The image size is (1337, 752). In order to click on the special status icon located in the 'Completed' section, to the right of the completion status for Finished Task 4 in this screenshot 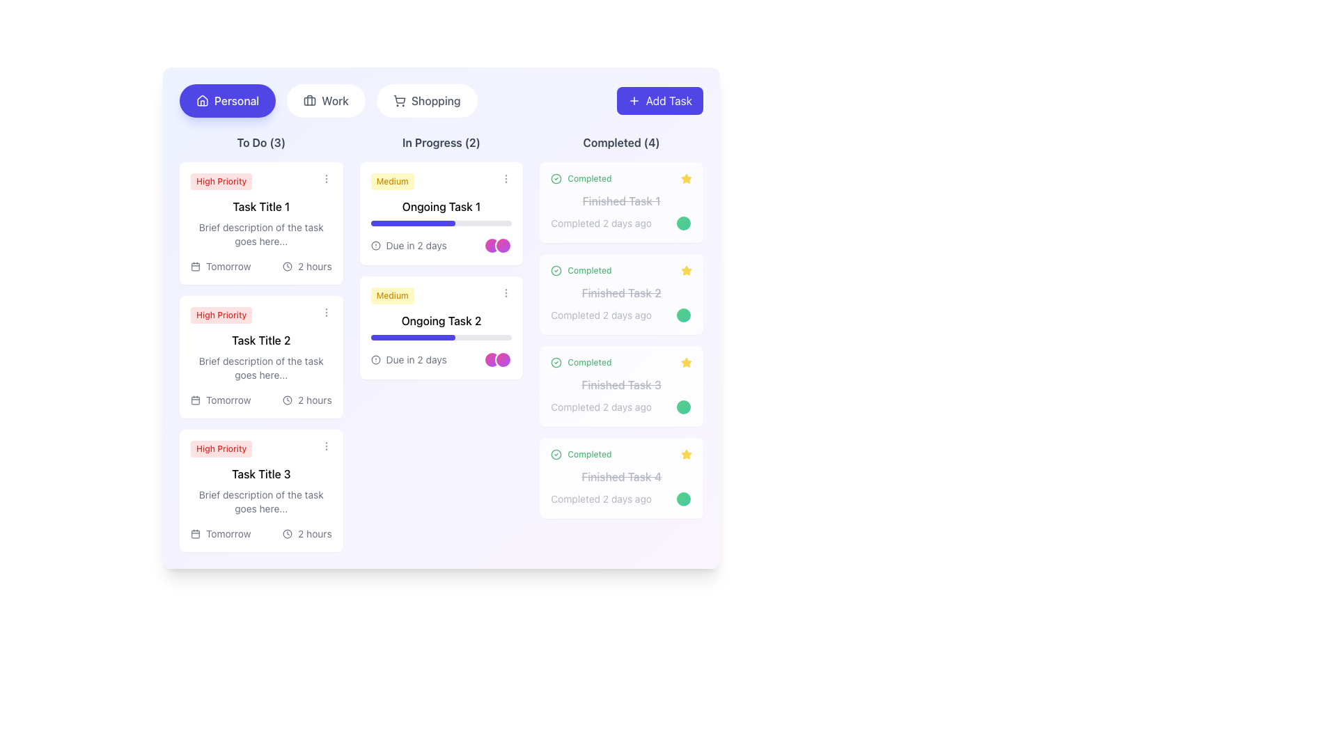, I will do `click(686, 454)`.